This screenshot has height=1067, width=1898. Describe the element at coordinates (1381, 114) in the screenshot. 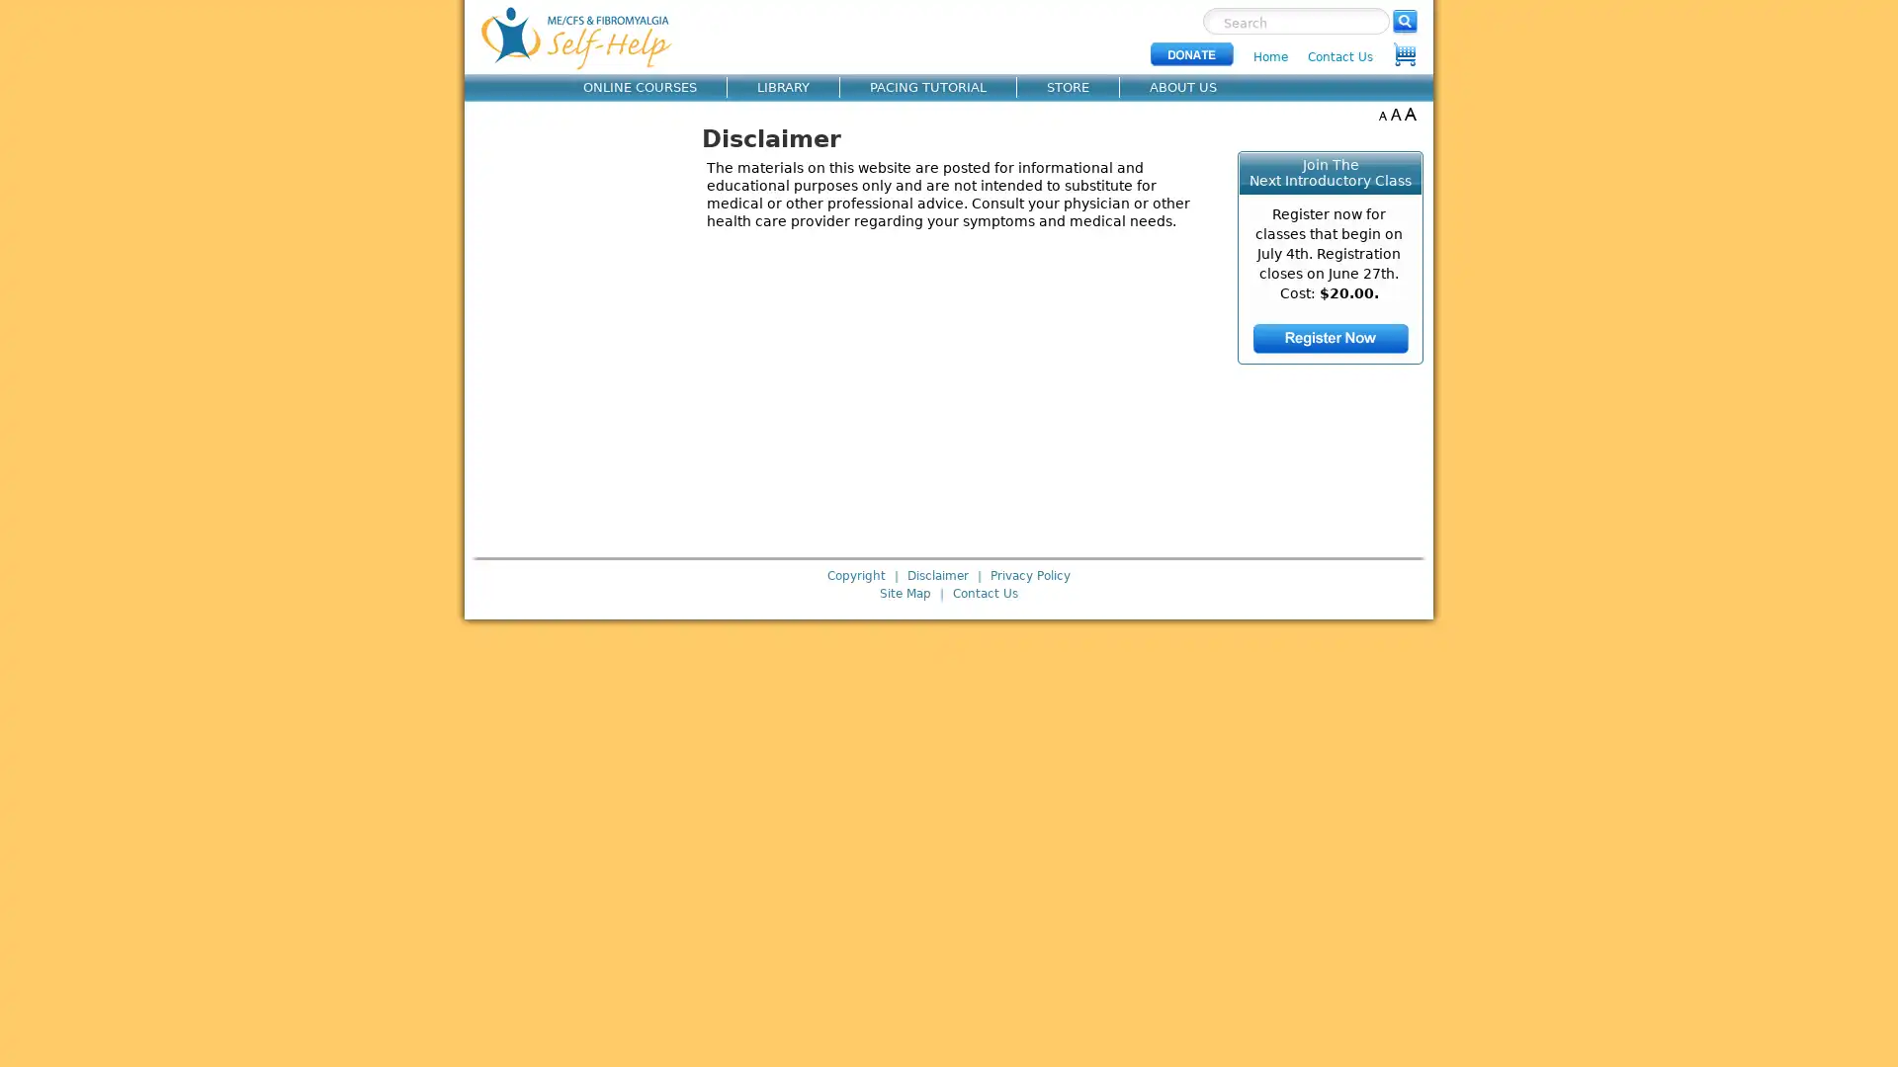

I see `A` at that location.